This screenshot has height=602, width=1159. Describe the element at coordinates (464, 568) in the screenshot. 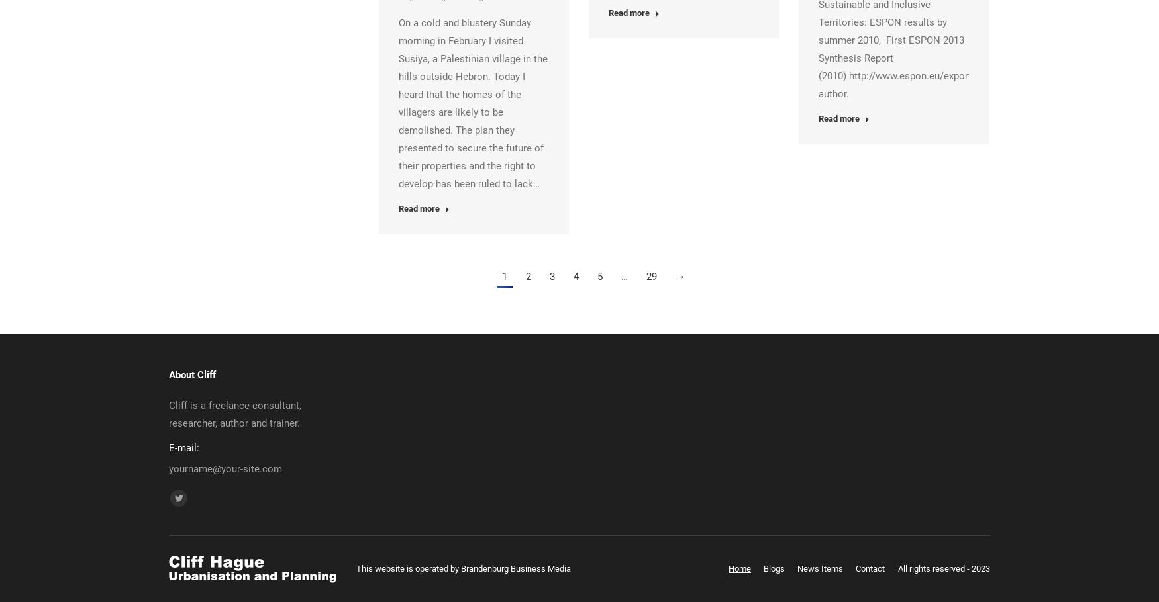

I see `'This website is operated by Brandenburg Business Media'` at that location.